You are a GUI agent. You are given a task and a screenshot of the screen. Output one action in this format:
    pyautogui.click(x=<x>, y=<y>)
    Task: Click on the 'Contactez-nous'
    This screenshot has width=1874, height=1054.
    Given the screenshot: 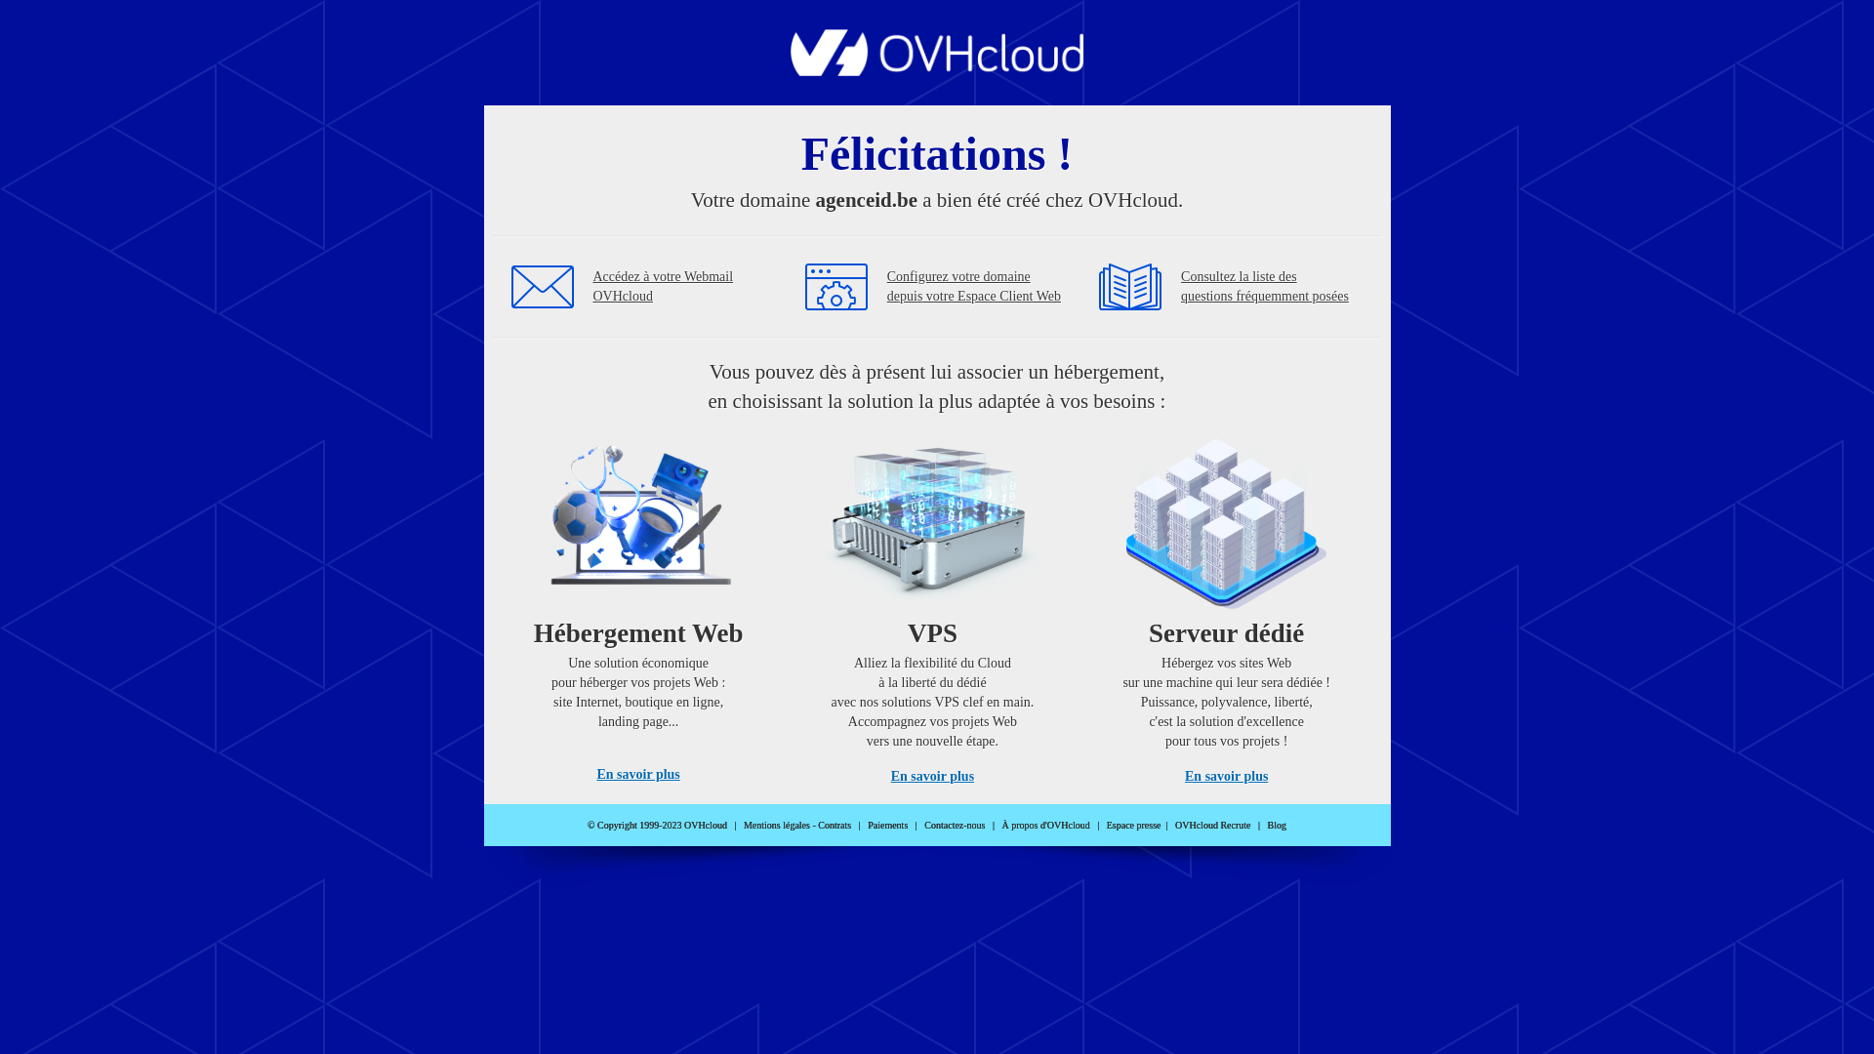 What is the action you would take?
    pyautogui.click(x=955, y=825)
    